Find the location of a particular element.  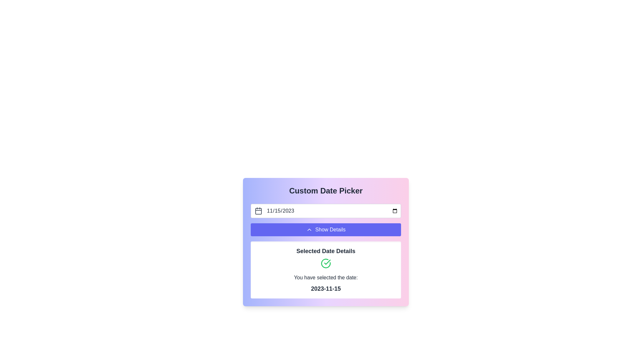

the Information Panel that displays 'Selected Date Details' with a green circular check icon and the selected date '2023-11-15' is located at coordinates (326, 270).